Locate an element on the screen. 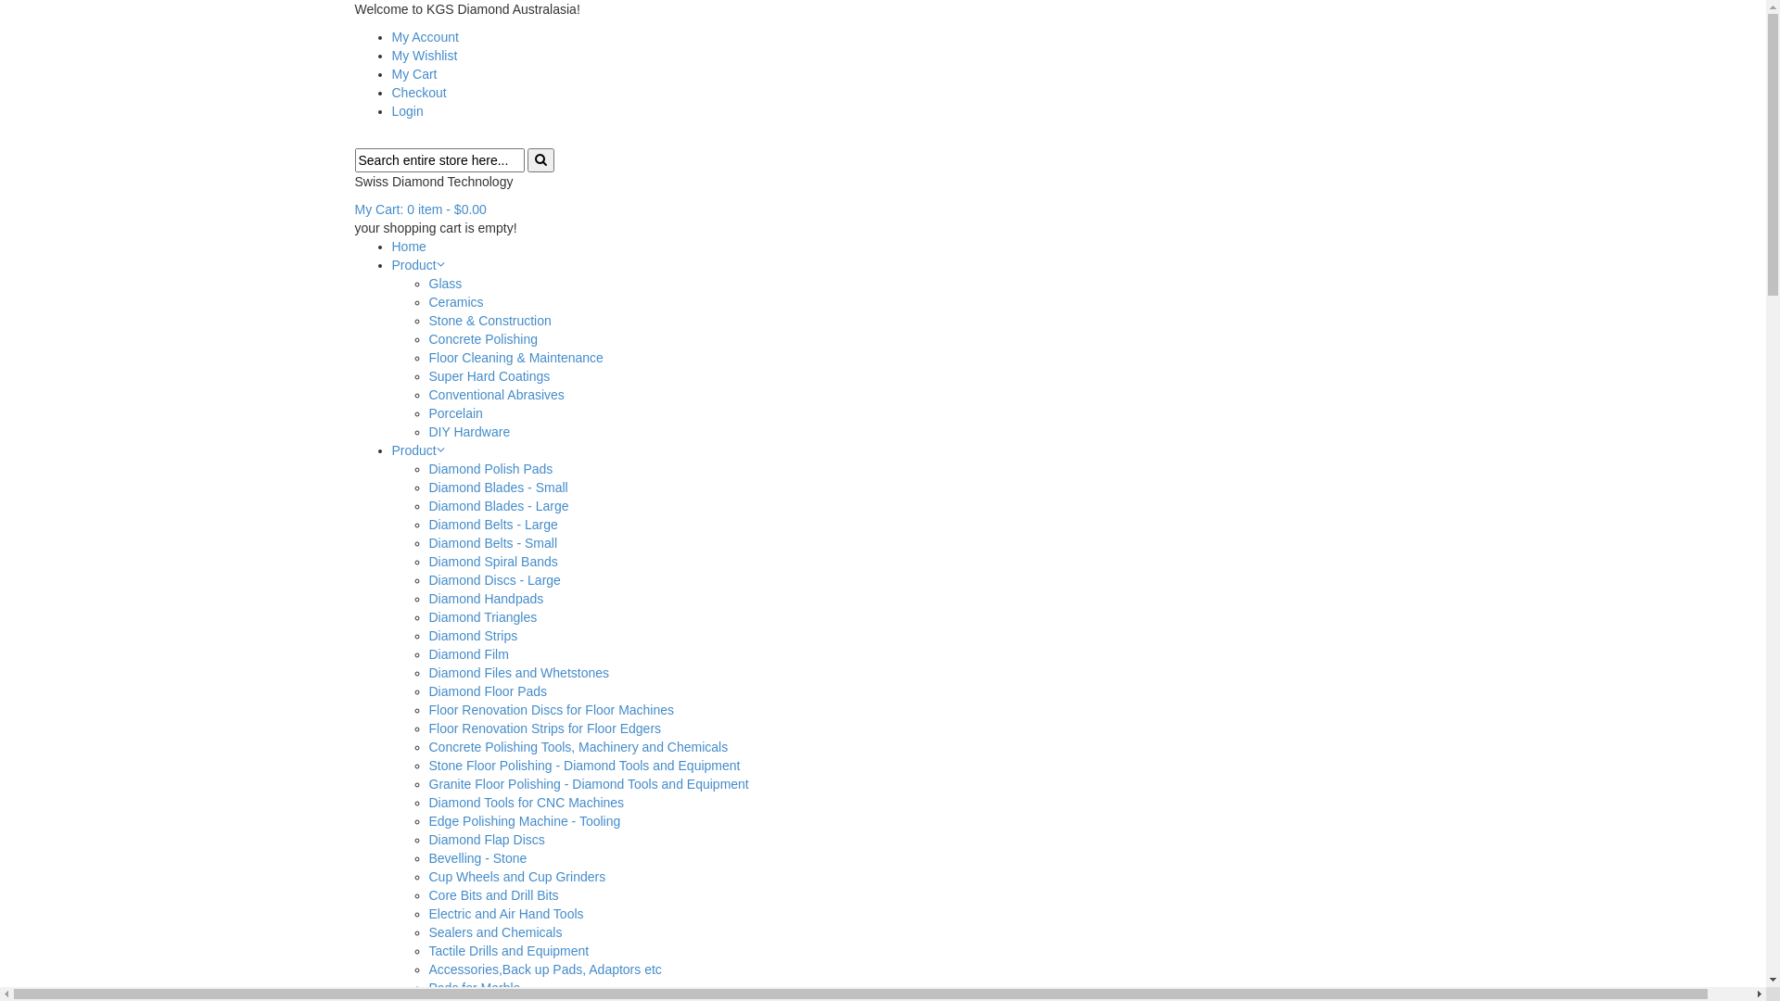  'Diamond Belts - Large' is located at coordinates (492, 525).